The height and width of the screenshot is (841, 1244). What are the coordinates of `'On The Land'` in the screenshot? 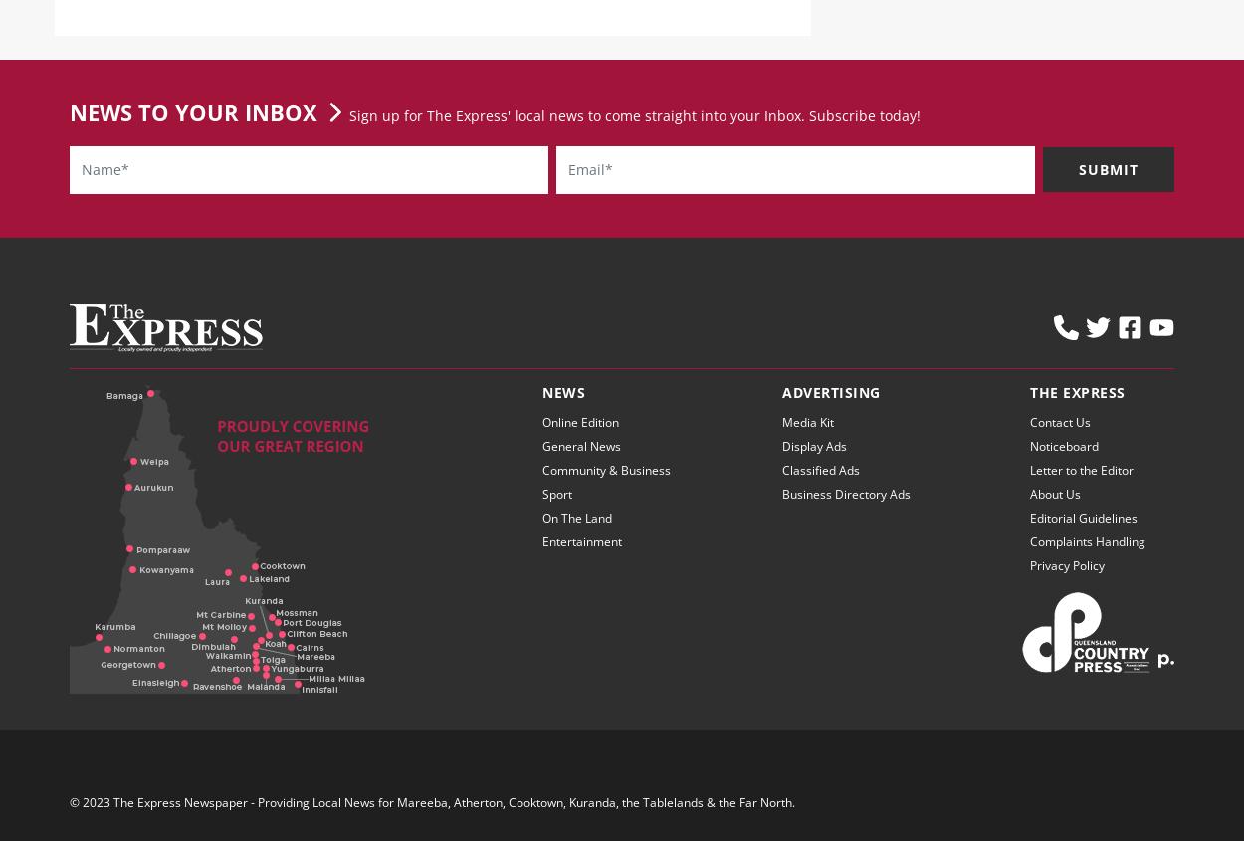 It's located at (576, 532).